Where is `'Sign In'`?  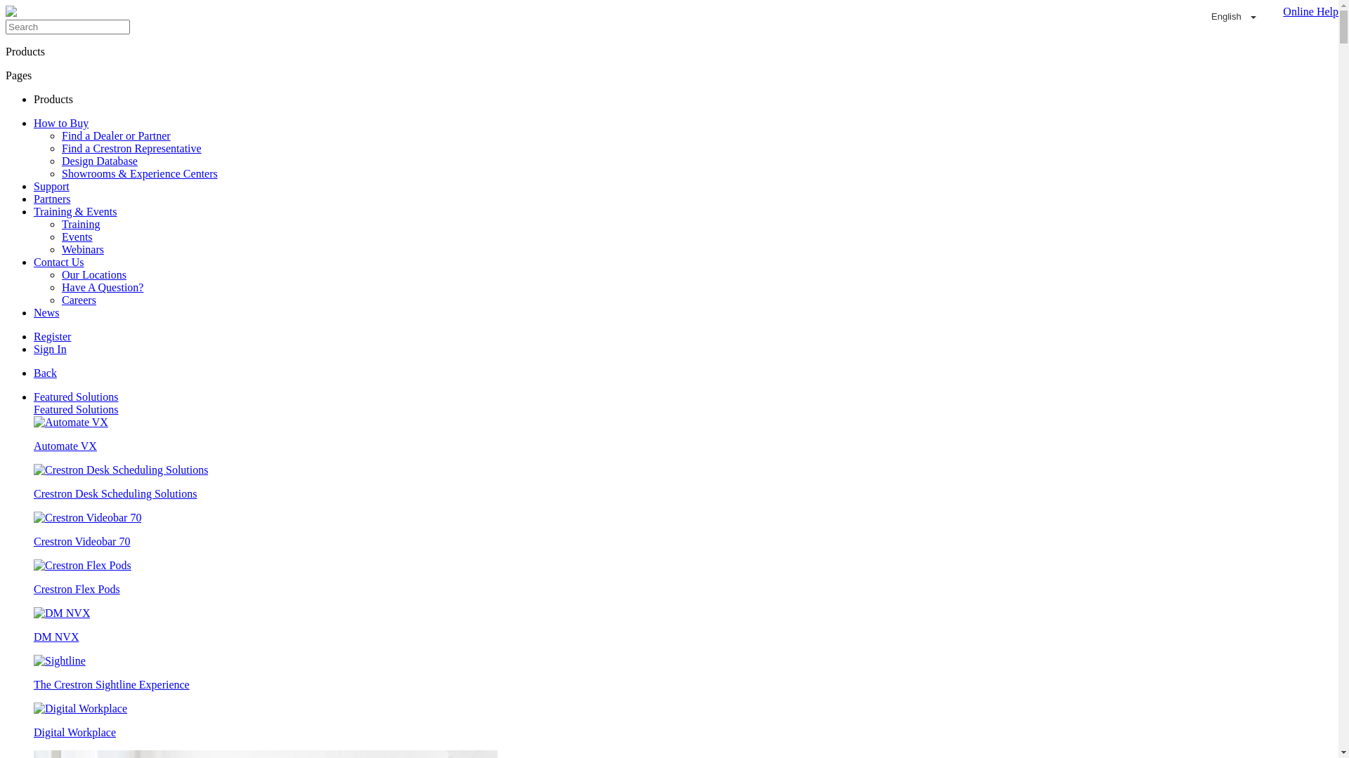
'Sign In' is located at coordinates (50, 348).